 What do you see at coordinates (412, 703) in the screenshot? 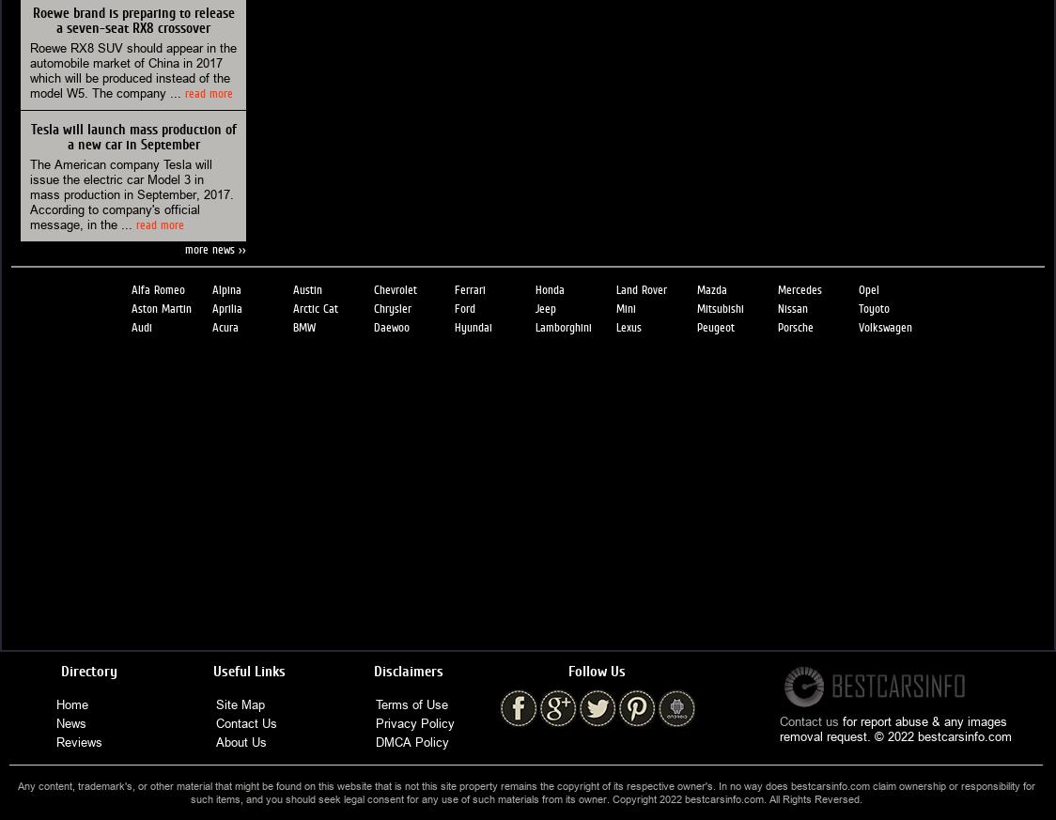
I see `'Terms of Use'` at bounding box center [412, 703].